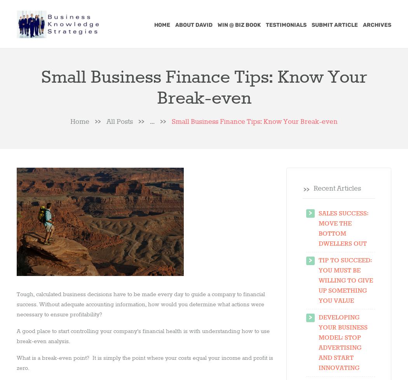 The height and width of the screenshot is (380, 408). I want to click on 'Tip to Succeed: You Must Be Willing To Give Up Something You Value', so click(318, 280).